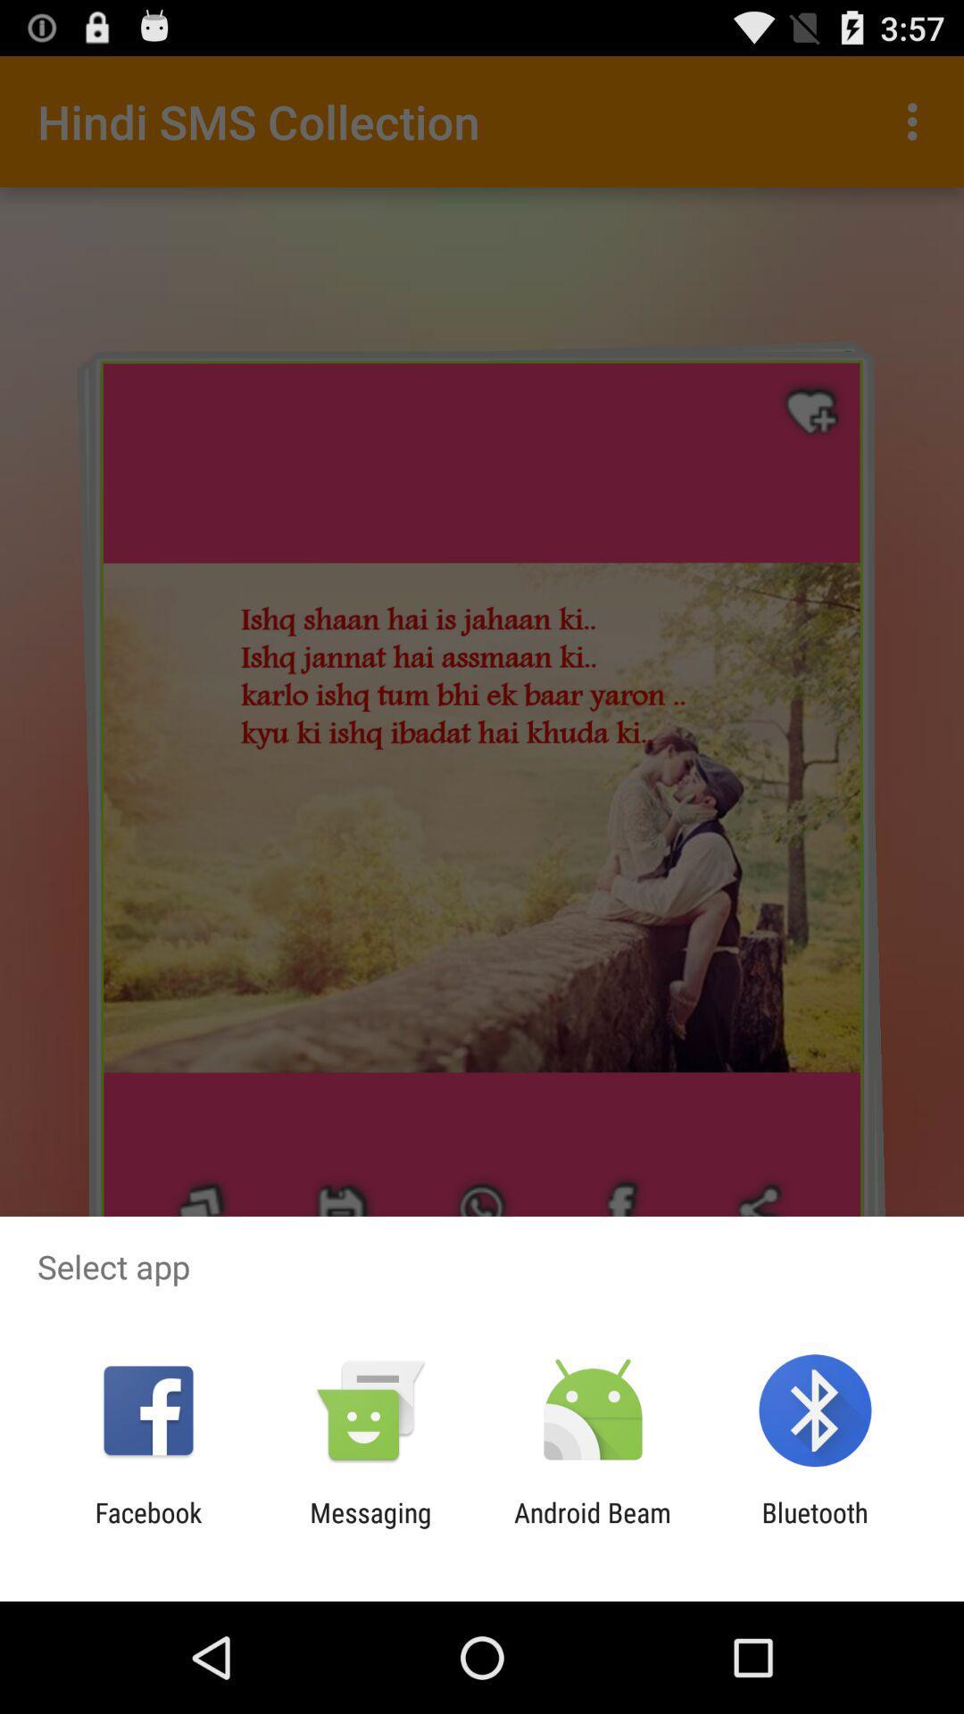 The height and width of the screenshot is (1714, 964). I want to click on the app to the right of the android beam icon, so click(815, 1527).